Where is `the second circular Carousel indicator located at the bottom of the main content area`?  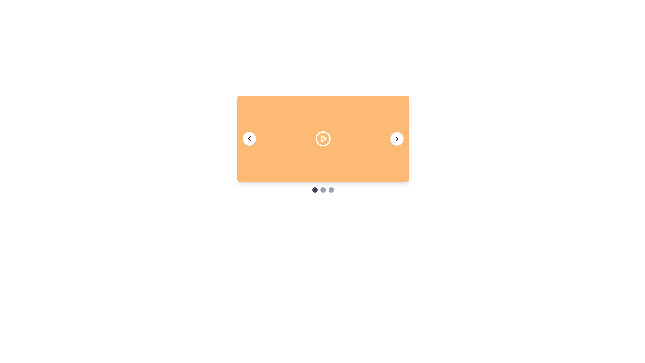 the second circular Carousel indicator located at the bottom of the main content area is located at coordinates (323, 190).